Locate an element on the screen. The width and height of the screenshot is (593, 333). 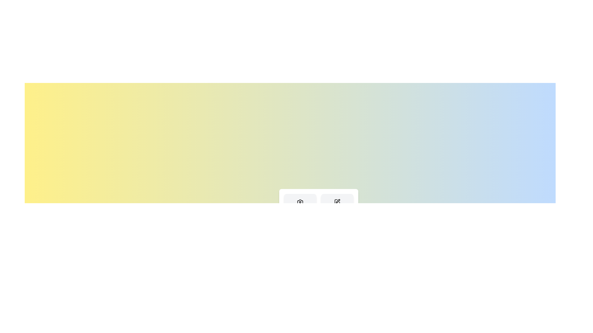
the 'Apply' button to select the 'Apply' action is located at coordinates (337, 236).